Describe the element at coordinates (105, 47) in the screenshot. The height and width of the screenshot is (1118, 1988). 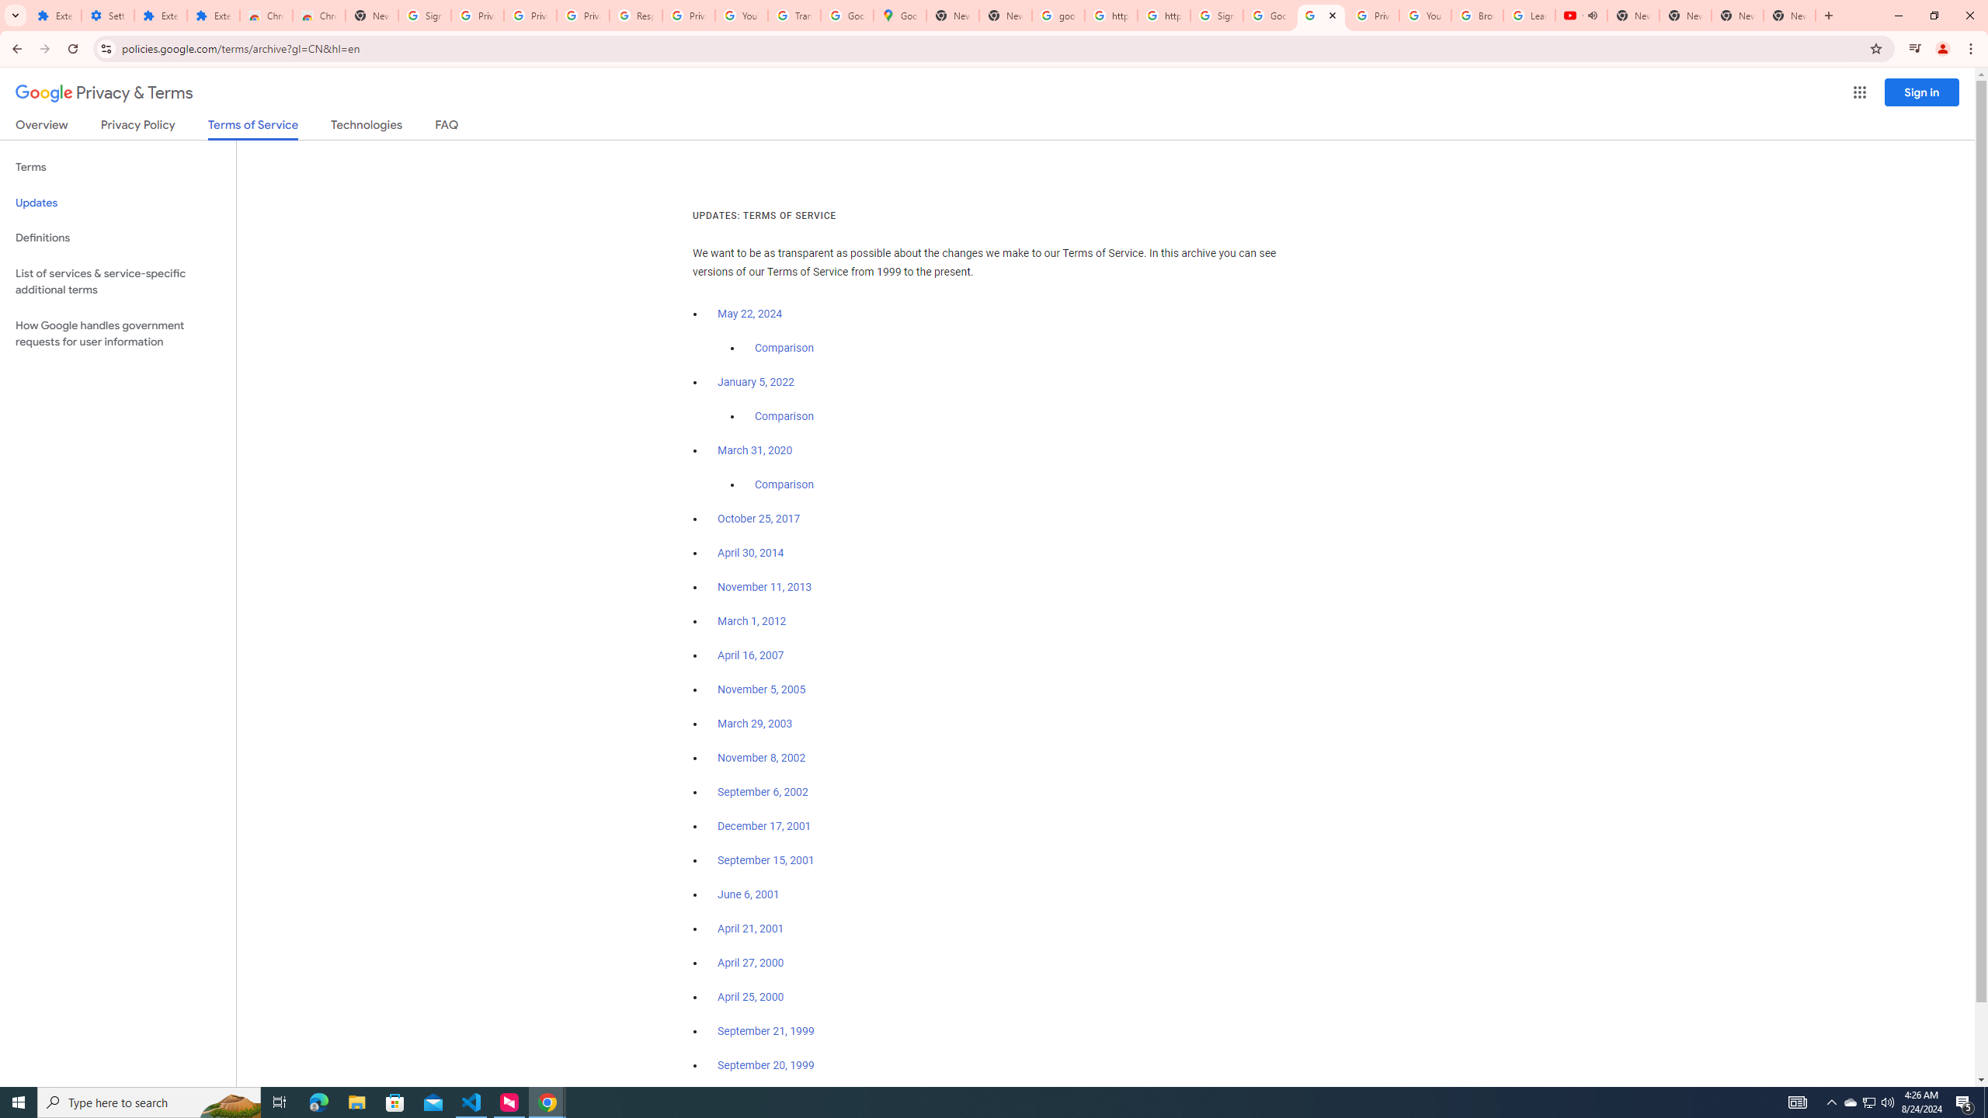
I see `'View site information'` at that location.